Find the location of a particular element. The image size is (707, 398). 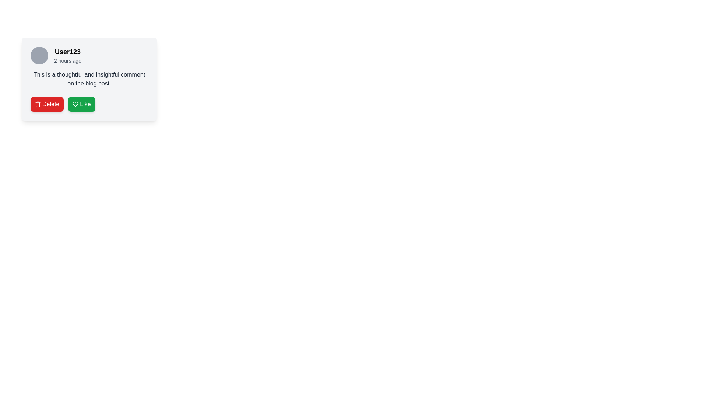

the 'Like' button, which has a green background, rounded corners, and white text, positioned next to the 'Delete' button is located at coordinates (81, 104).